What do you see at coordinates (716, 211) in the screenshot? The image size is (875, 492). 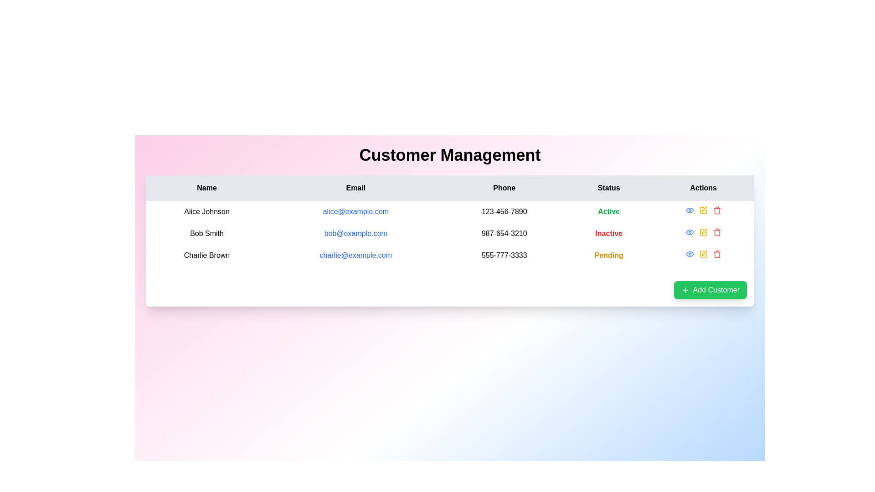 I see `the delete icon button located in the 'Actions' column of the table row for 'Bob Smith'` at bounding box center [716, 211].